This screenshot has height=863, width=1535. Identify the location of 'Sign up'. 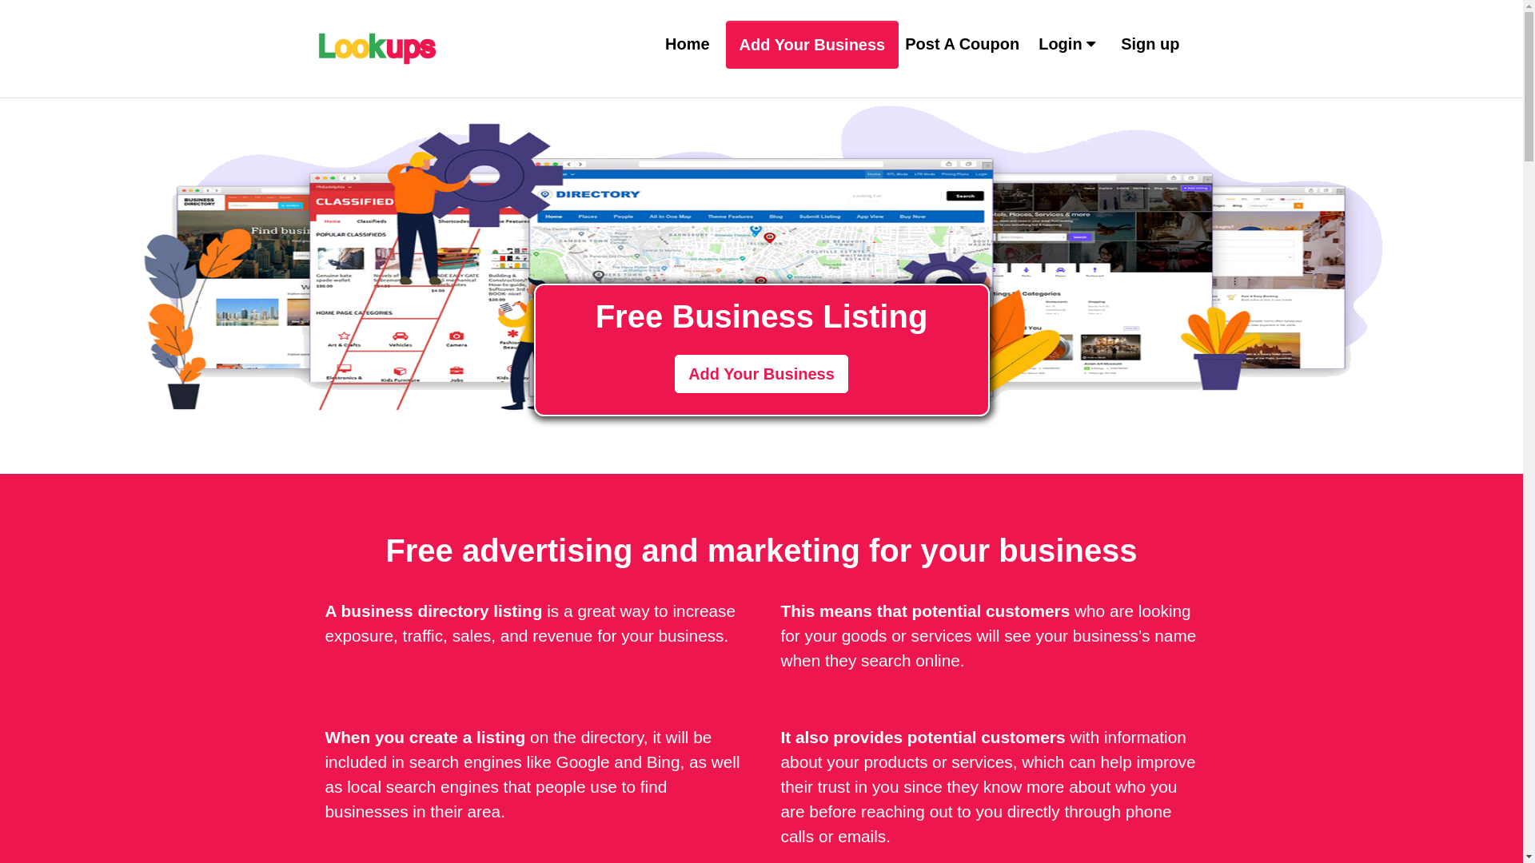
(1149, 48).